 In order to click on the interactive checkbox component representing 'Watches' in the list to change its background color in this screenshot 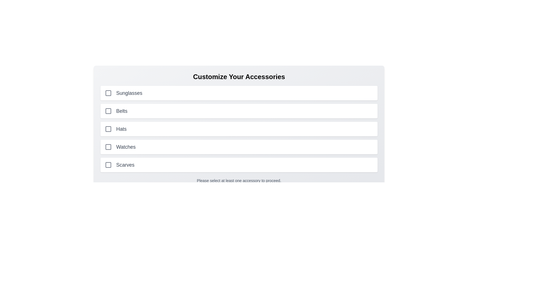, I will do `click(239, 147)`.